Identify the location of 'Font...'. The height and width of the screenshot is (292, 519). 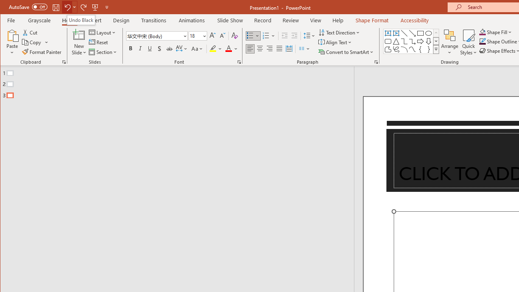
(239, 62).